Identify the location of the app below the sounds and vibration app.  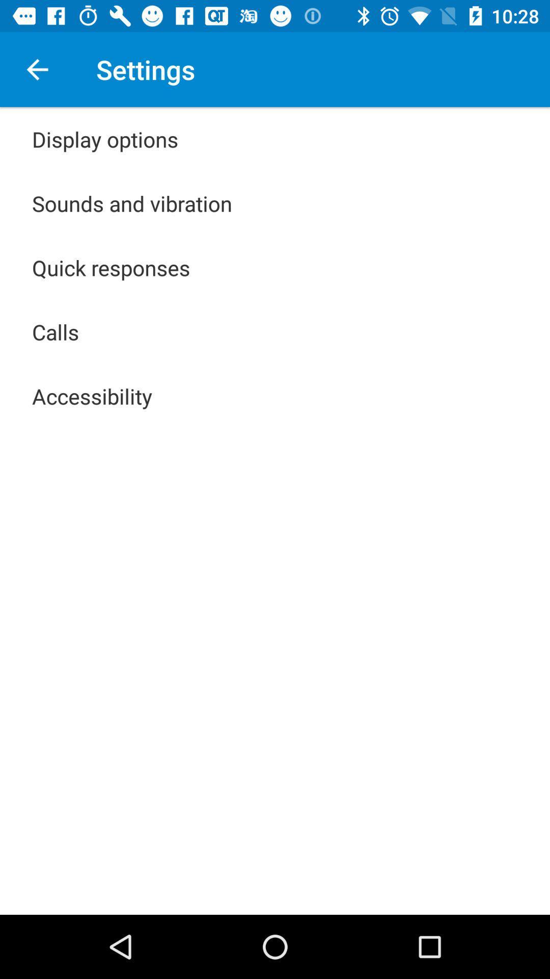
(111, 267).